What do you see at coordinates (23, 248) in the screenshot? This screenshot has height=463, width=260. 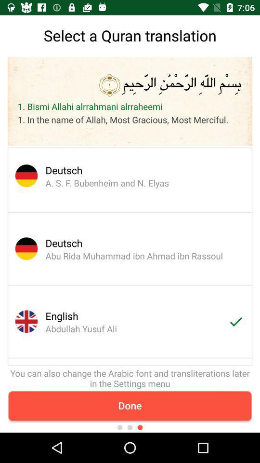 I see `the circular image which has got german flag which is above english abdullah yusuf ali` at bounding box center [23, 248].